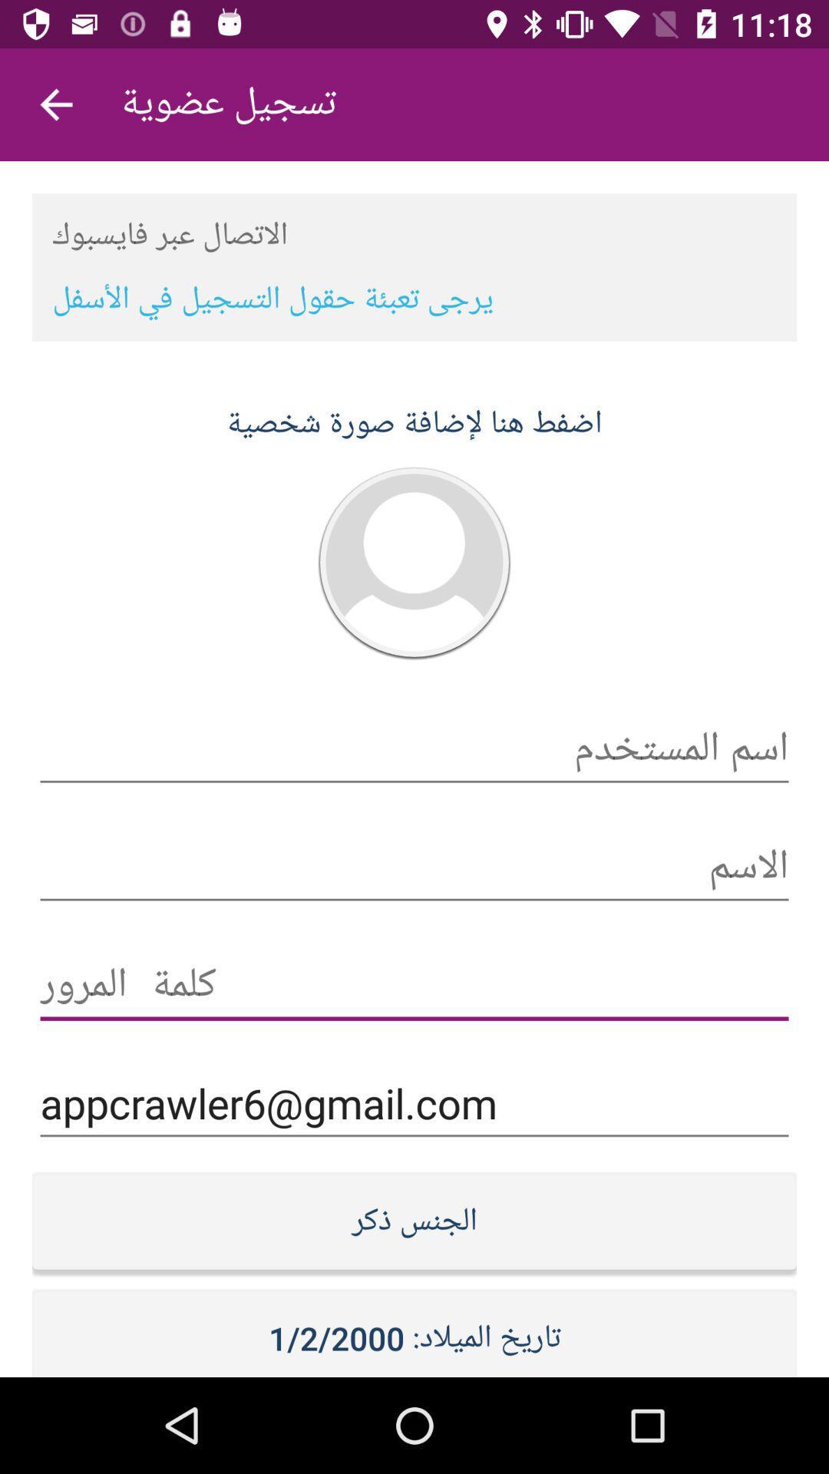 This screenshot has width=829, height=1474. What do you see at coordinates (414, 1102) in the screenshot?
I see `appcrawler6@gmail.com icon` at bounding box center [414, 1102].